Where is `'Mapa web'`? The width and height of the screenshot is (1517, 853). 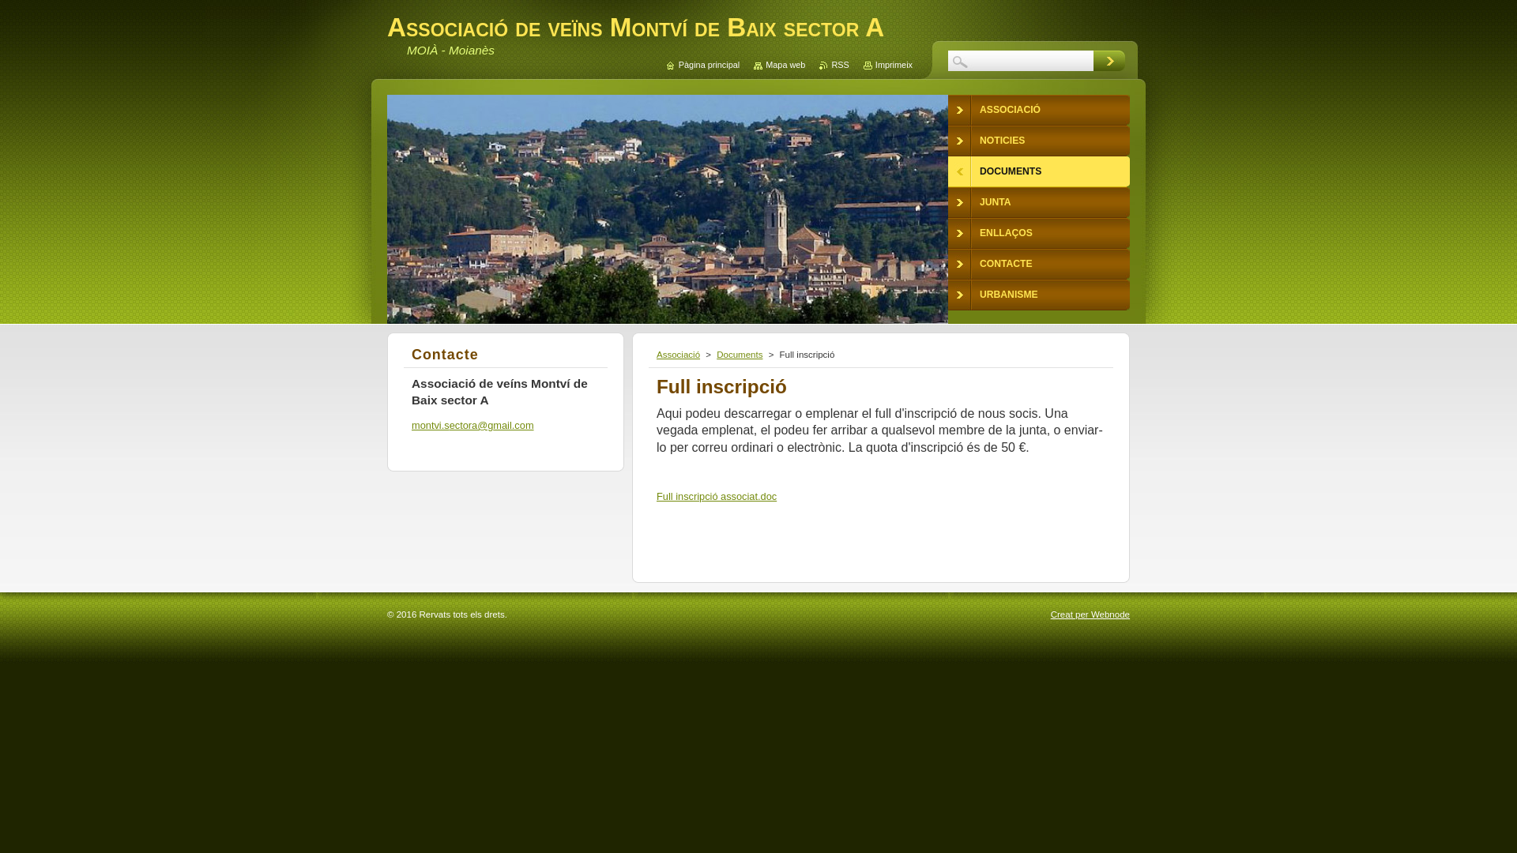 'Mapa web' is located at coordinates (779, 63).